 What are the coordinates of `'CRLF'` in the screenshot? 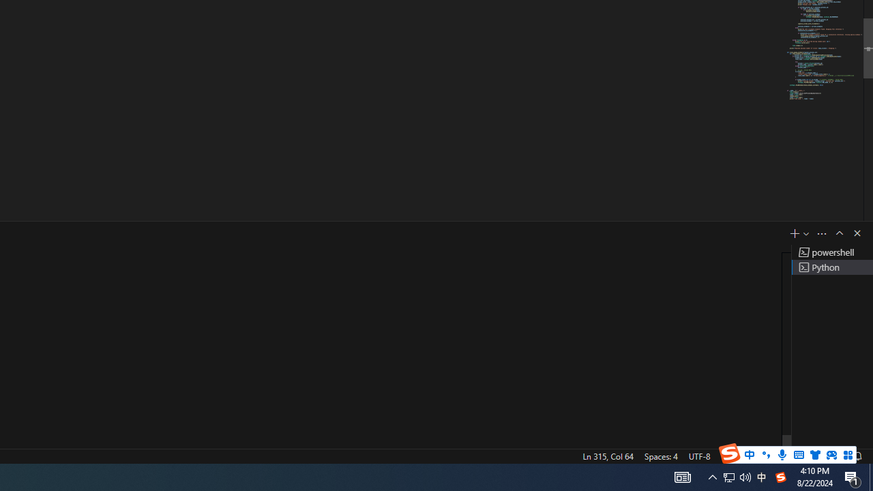 It's located at (729, 456).